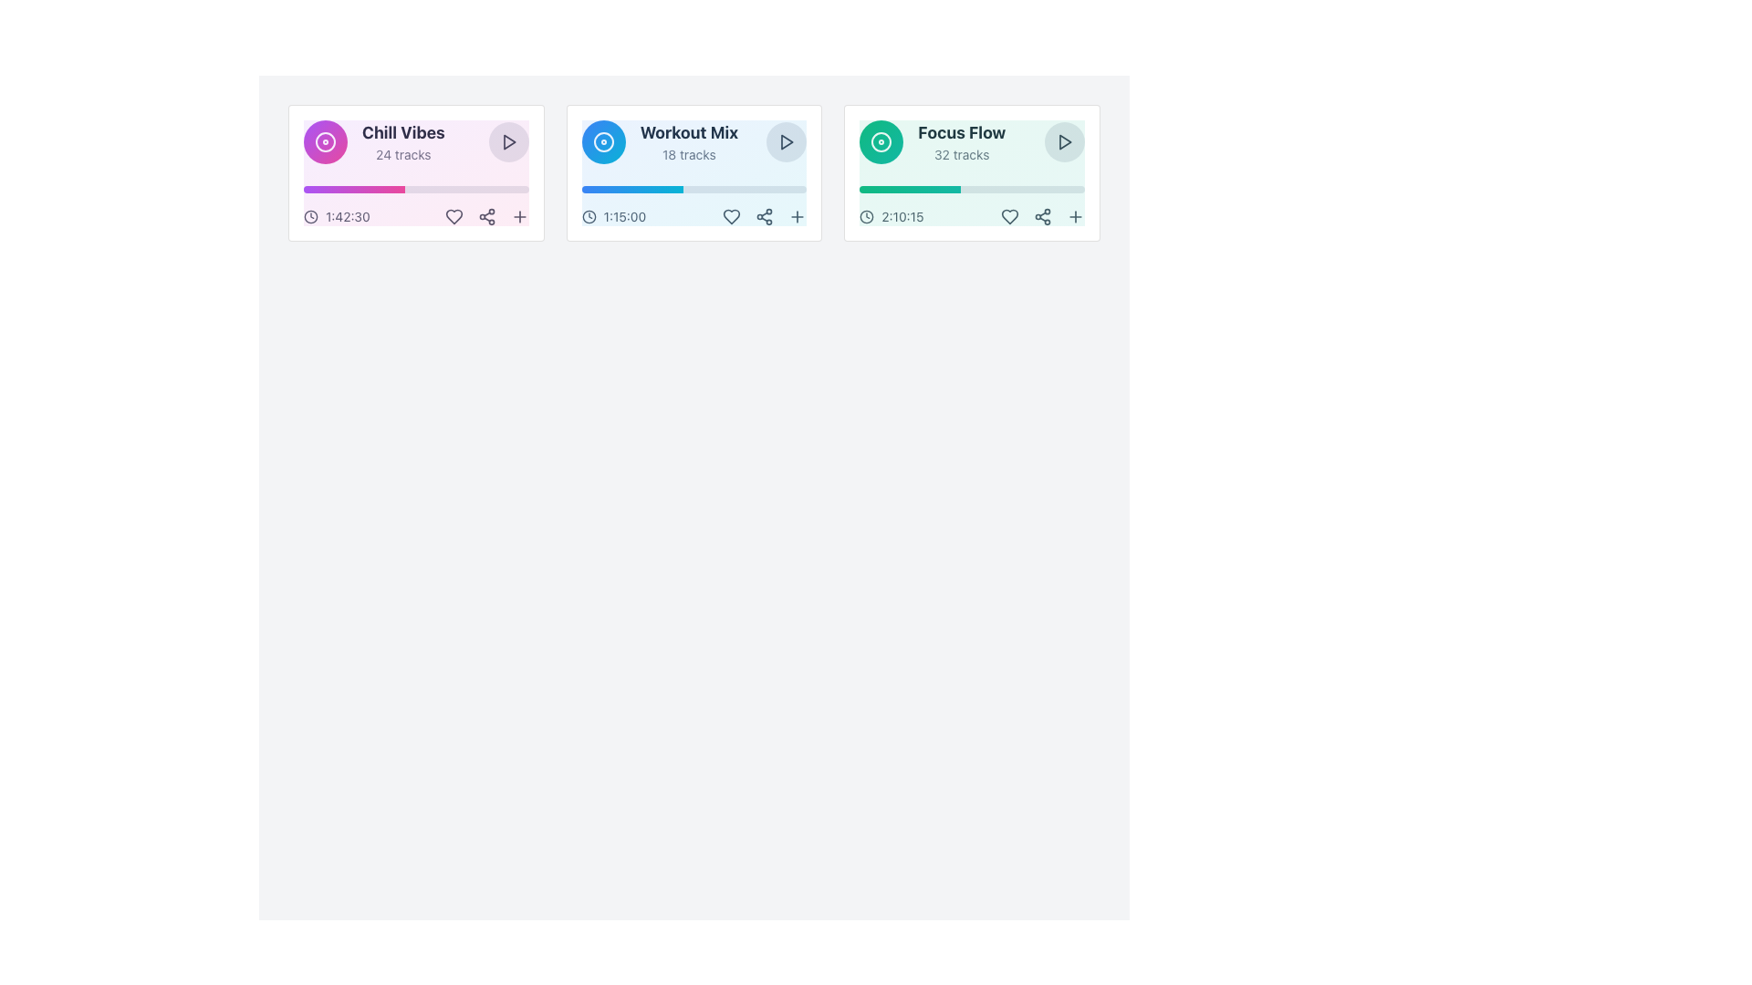  What do you see at coordinates (649, 190) in the screenshot?
I see `the slider` at bounding box center [649, 190].